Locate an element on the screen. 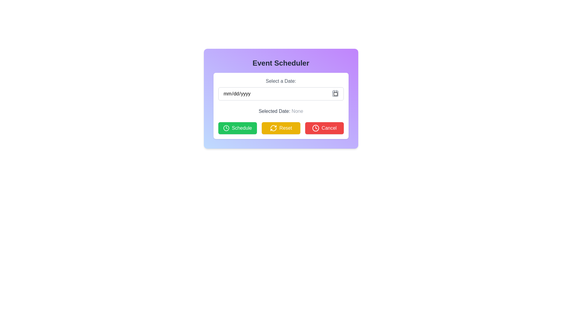 The width and height of the screenshot is (579, 325). the yellow 'Reset' button with an icon resembling a refresh symbol, which is the second button in a row of three buttons at the bottom of a card-like component is located at coordinates (280, 128).